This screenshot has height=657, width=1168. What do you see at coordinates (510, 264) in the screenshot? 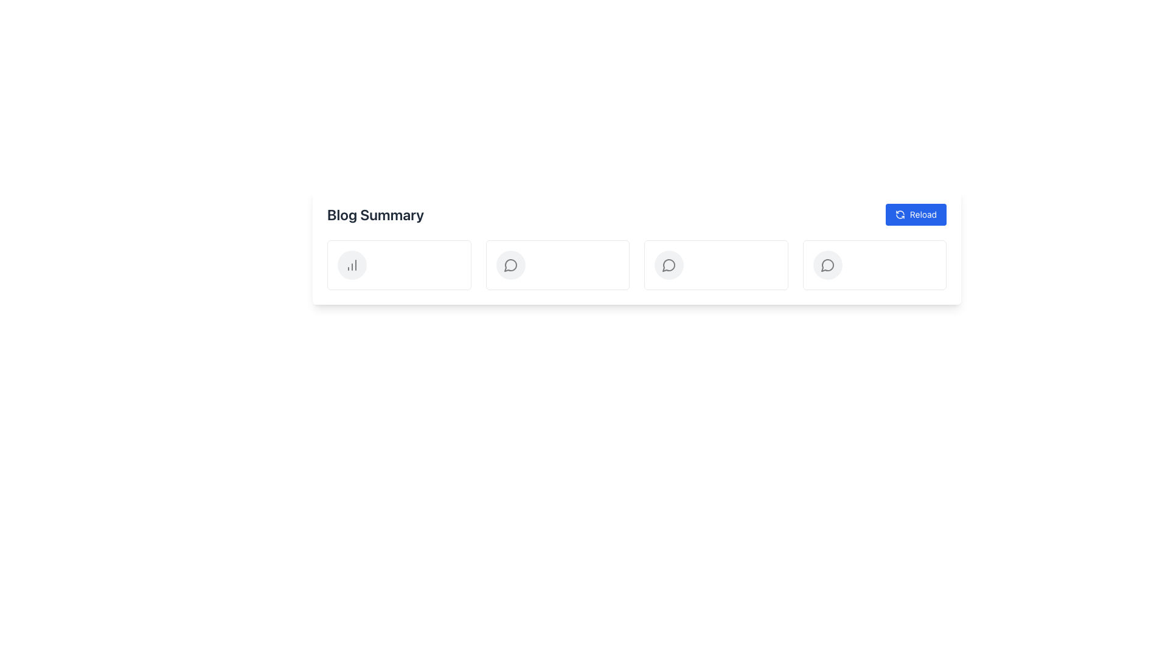
I see `the graphical details of the Icon button that is part of the horizontal group of interactive icons located beneath the 'Blog Summary' heading, specifically the third icon from the left` at bounding box center [510, 264].